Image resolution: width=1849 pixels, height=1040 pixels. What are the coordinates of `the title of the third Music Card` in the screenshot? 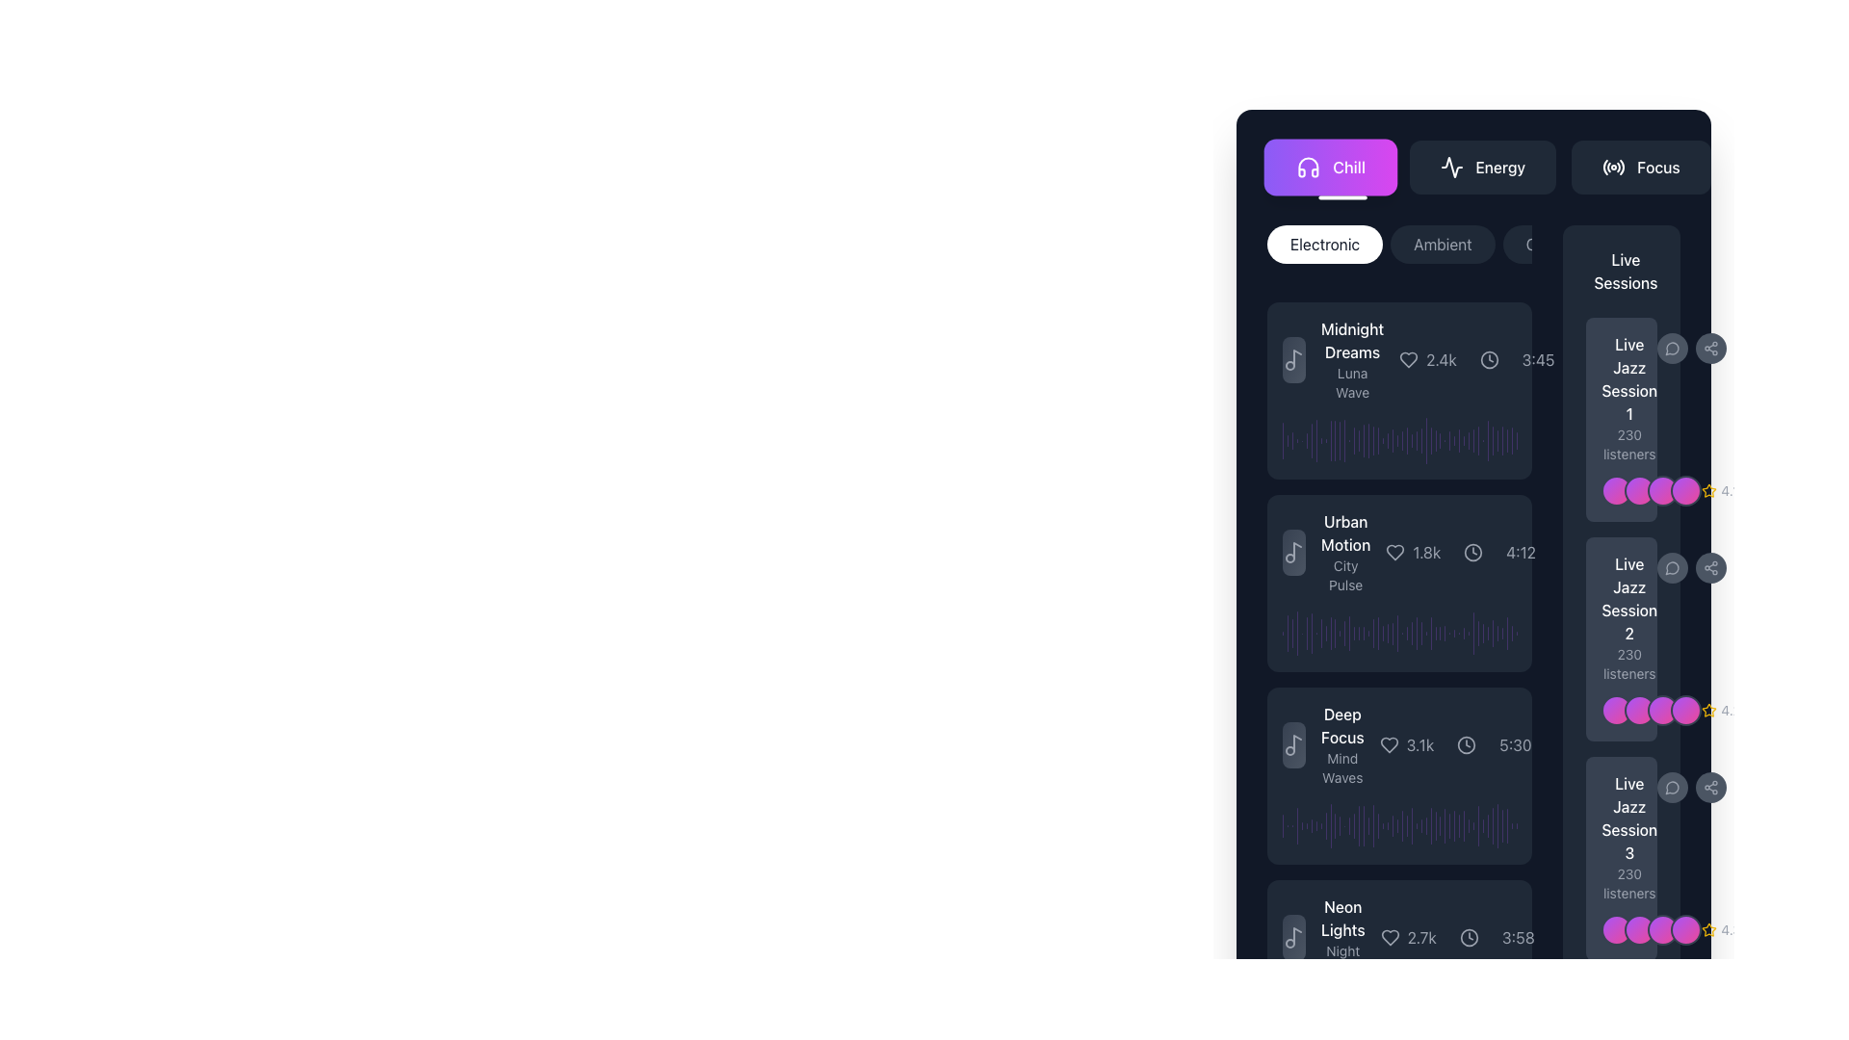 It's located at (1399, 744).